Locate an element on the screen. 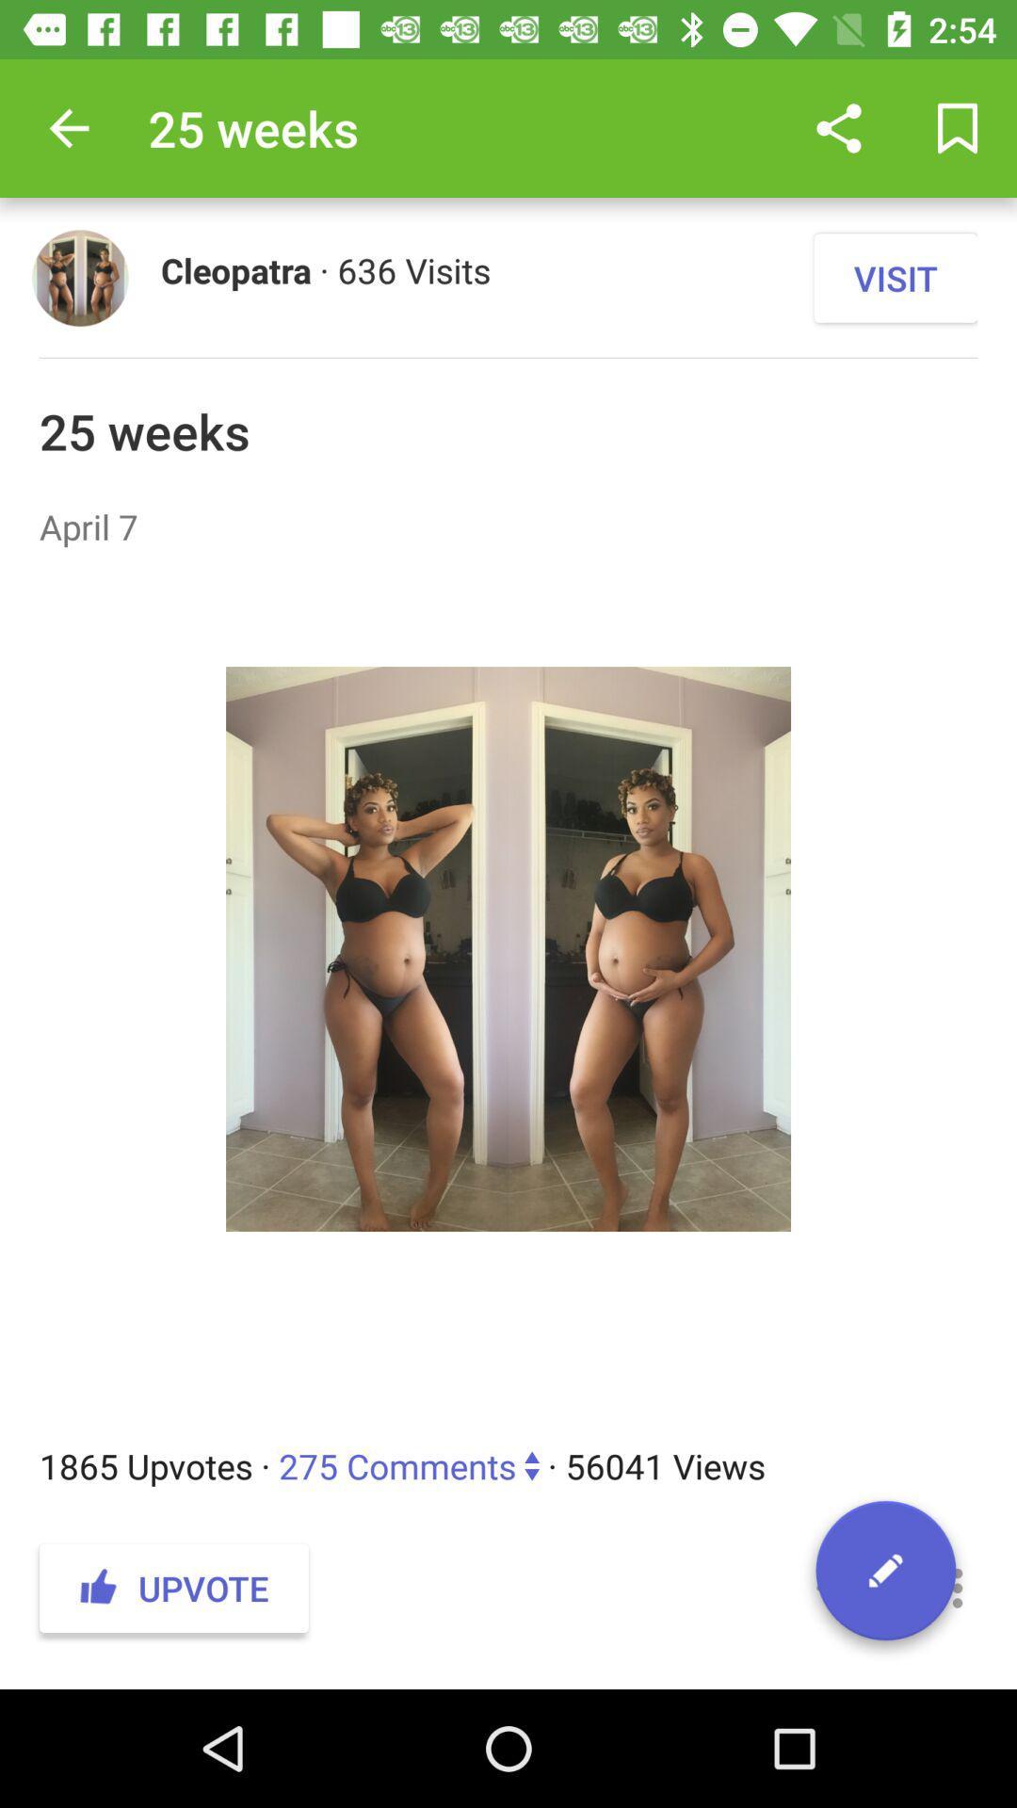 The image size is (1017, 1808). icon to the right of the upvote item is located at coordinates (838, 1587).